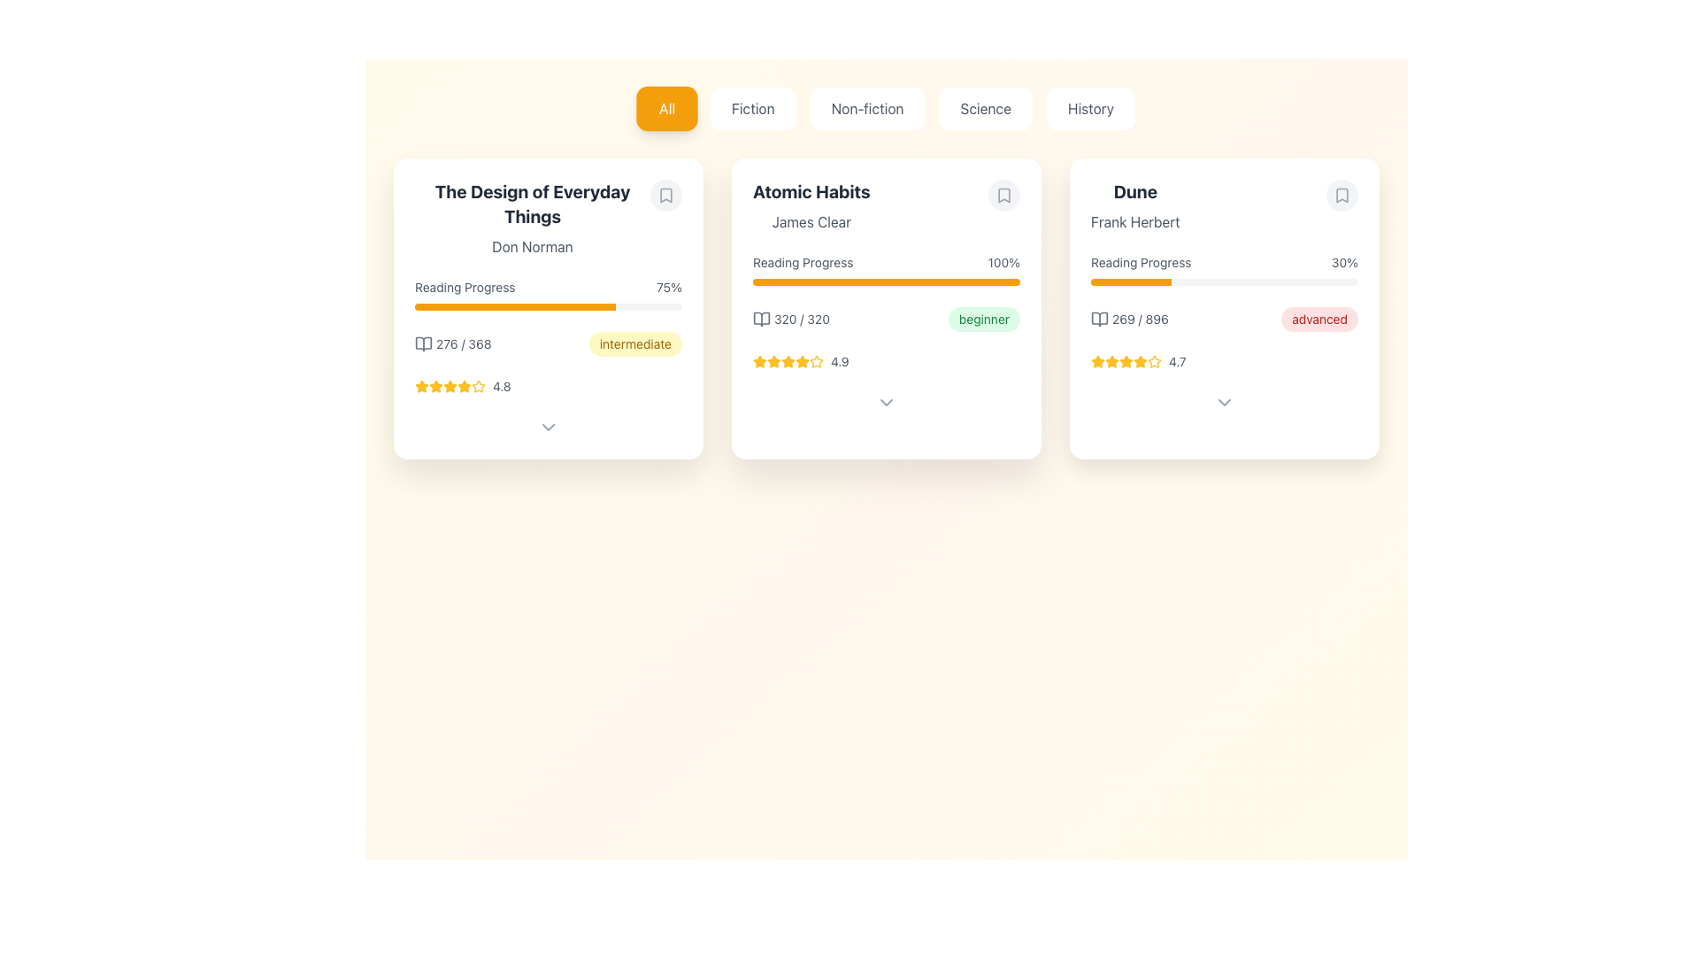 This screenshot has height=956, width=1699. What do you see at coordinates (760, 360) in the screenshot?
I see `the third star icon in the 5-star rating system for the book 'Atomic Habits', which is located in the middle box of the UI layout, underneath the progress indicator` at bounding box center [760, 360].